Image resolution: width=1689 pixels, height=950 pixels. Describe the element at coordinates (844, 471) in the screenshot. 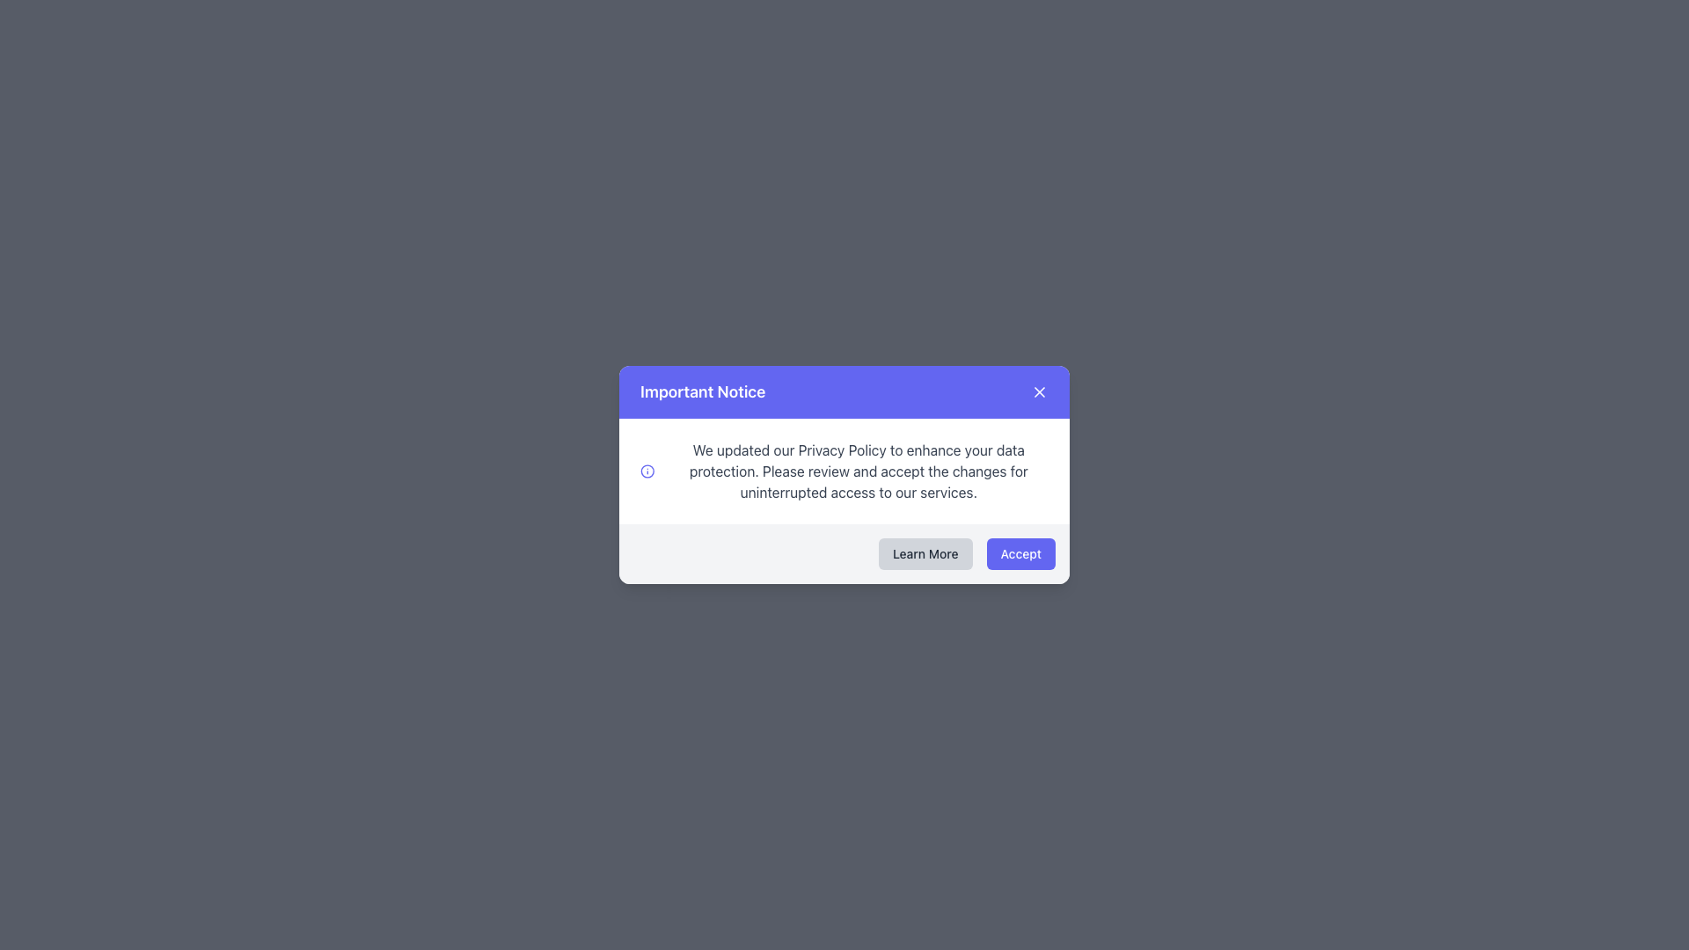

I see `informational text message that states 'We updated our Privacy Policy to enhance your data protection. Please review and accept the changes for uninterrupted access to our services.' located in the modal dialog titled 'Important Notice.'` at that location.